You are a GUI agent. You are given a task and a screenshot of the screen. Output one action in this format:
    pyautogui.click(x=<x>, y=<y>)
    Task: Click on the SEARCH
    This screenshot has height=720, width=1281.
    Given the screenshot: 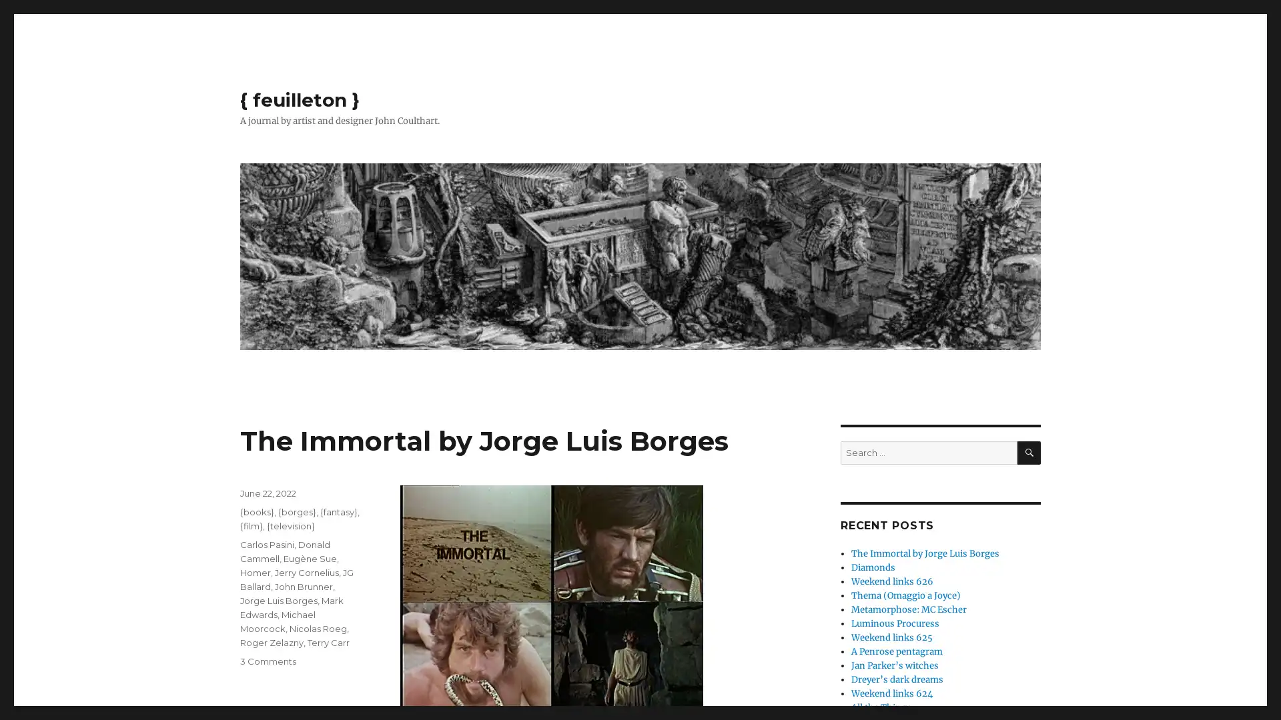 What is the action you would take?
    pyautogui.click(x=1028, y=452)
    